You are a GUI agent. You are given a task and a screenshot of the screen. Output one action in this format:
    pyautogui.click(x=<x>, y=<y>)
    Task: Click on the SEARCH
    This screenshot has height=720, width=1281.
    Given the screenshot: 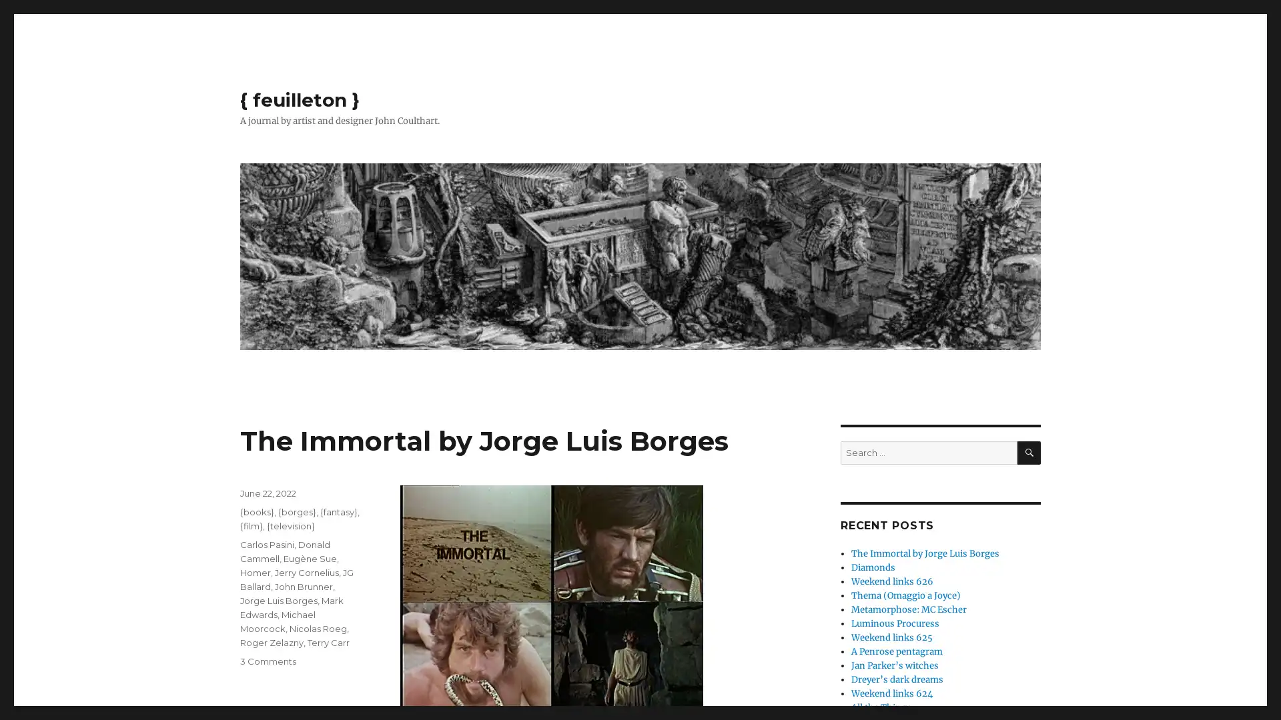 What is the action you would take?
    pyautogui.click(x=1028, y=452)
    